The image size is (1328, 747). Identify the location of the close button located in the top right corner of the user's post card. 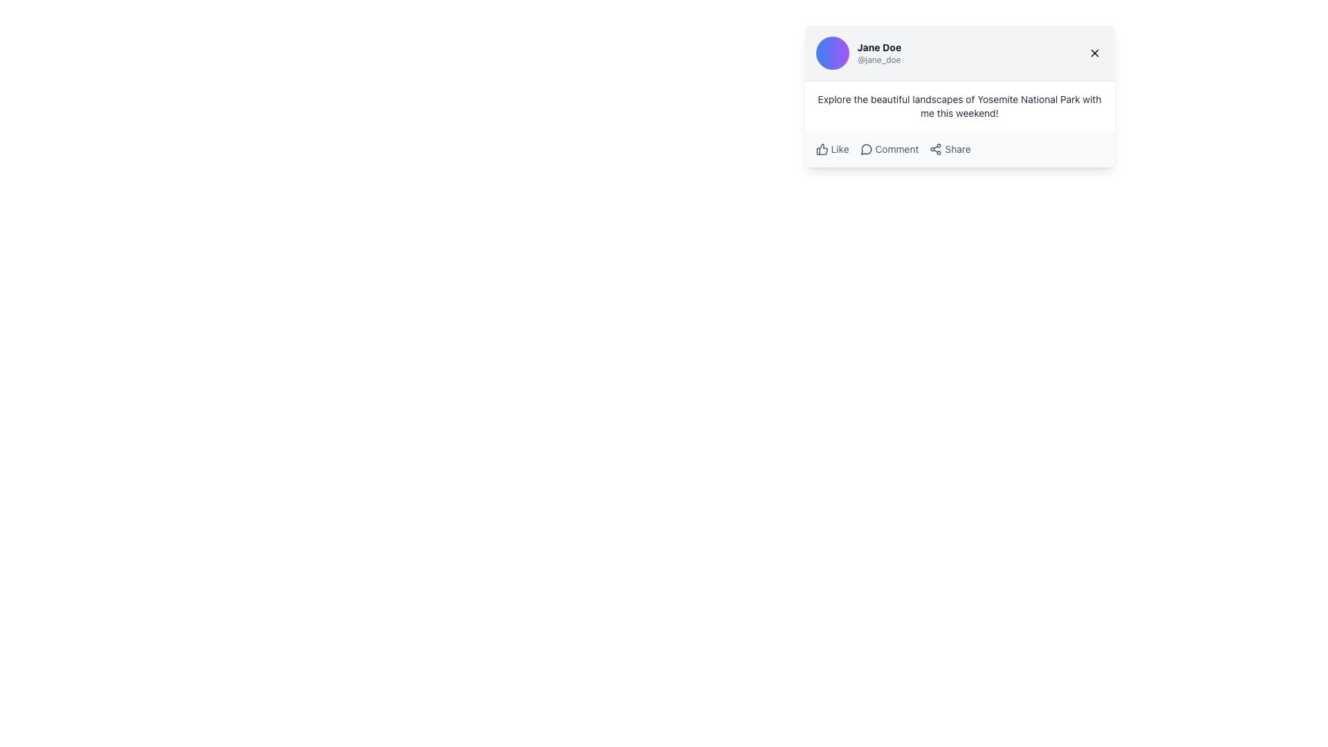
(1094, 53).